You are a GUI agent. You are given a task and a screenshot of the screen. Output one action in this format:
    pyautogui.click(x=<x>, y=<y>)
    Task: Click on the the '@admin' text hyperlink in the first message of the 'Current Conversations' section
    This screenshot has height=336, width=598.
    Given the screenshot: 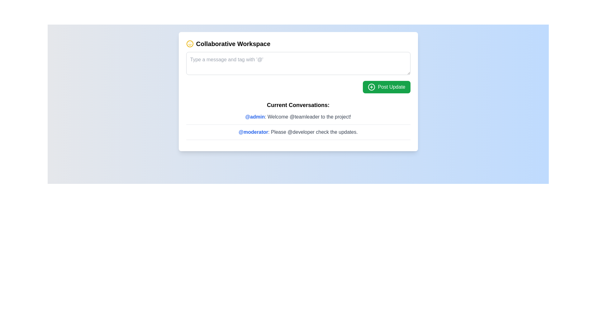 What is the action you would take?
    pyautogui.click(x=255, y=117)
    